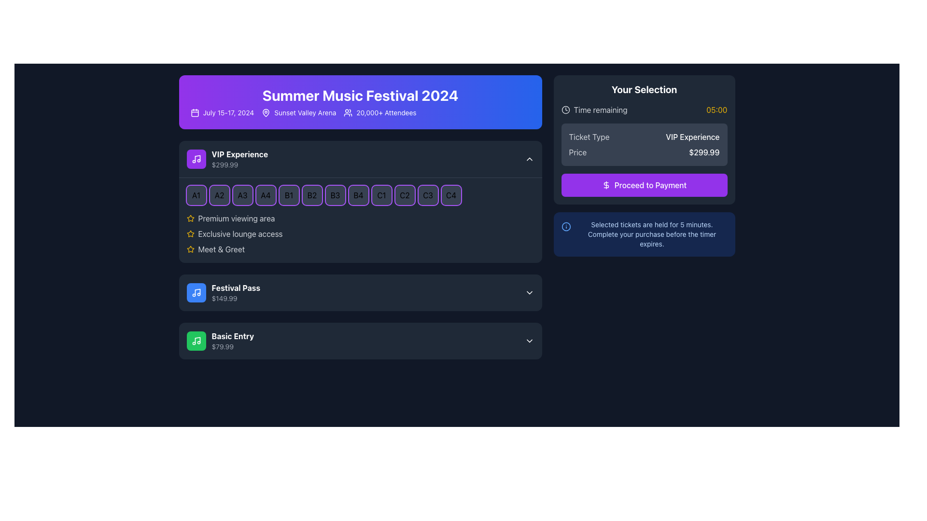 Image resolution: width=927 pixels, height=521 pixels. Describe the element at coordinates (266, 112) in the screenshot. I see `the small square icon depicting a map pin, which is located immediately to the right of the 'July 15-17, 2024' text and to the left of the 'Sunset Valley Arena' text, below the header 'Summer Music Festival 2024.'` at that location.